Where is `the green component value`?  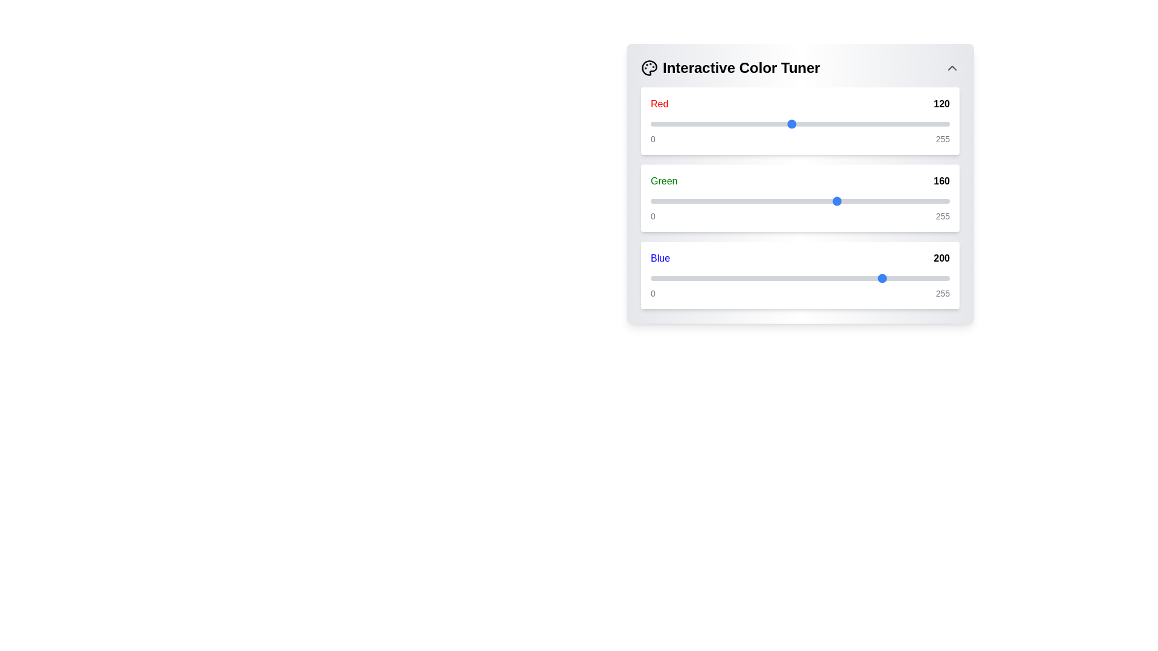
the green component value is located at coordinates (762, 201).